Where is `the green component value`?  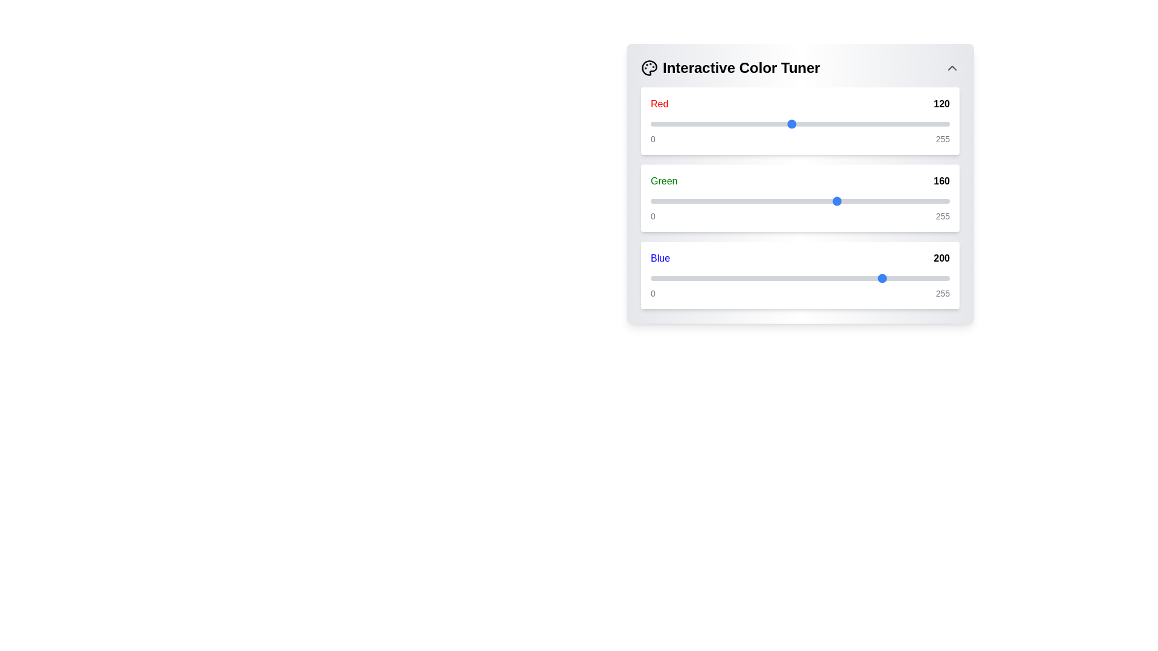
the green component value is located at coordinates (762, 201).